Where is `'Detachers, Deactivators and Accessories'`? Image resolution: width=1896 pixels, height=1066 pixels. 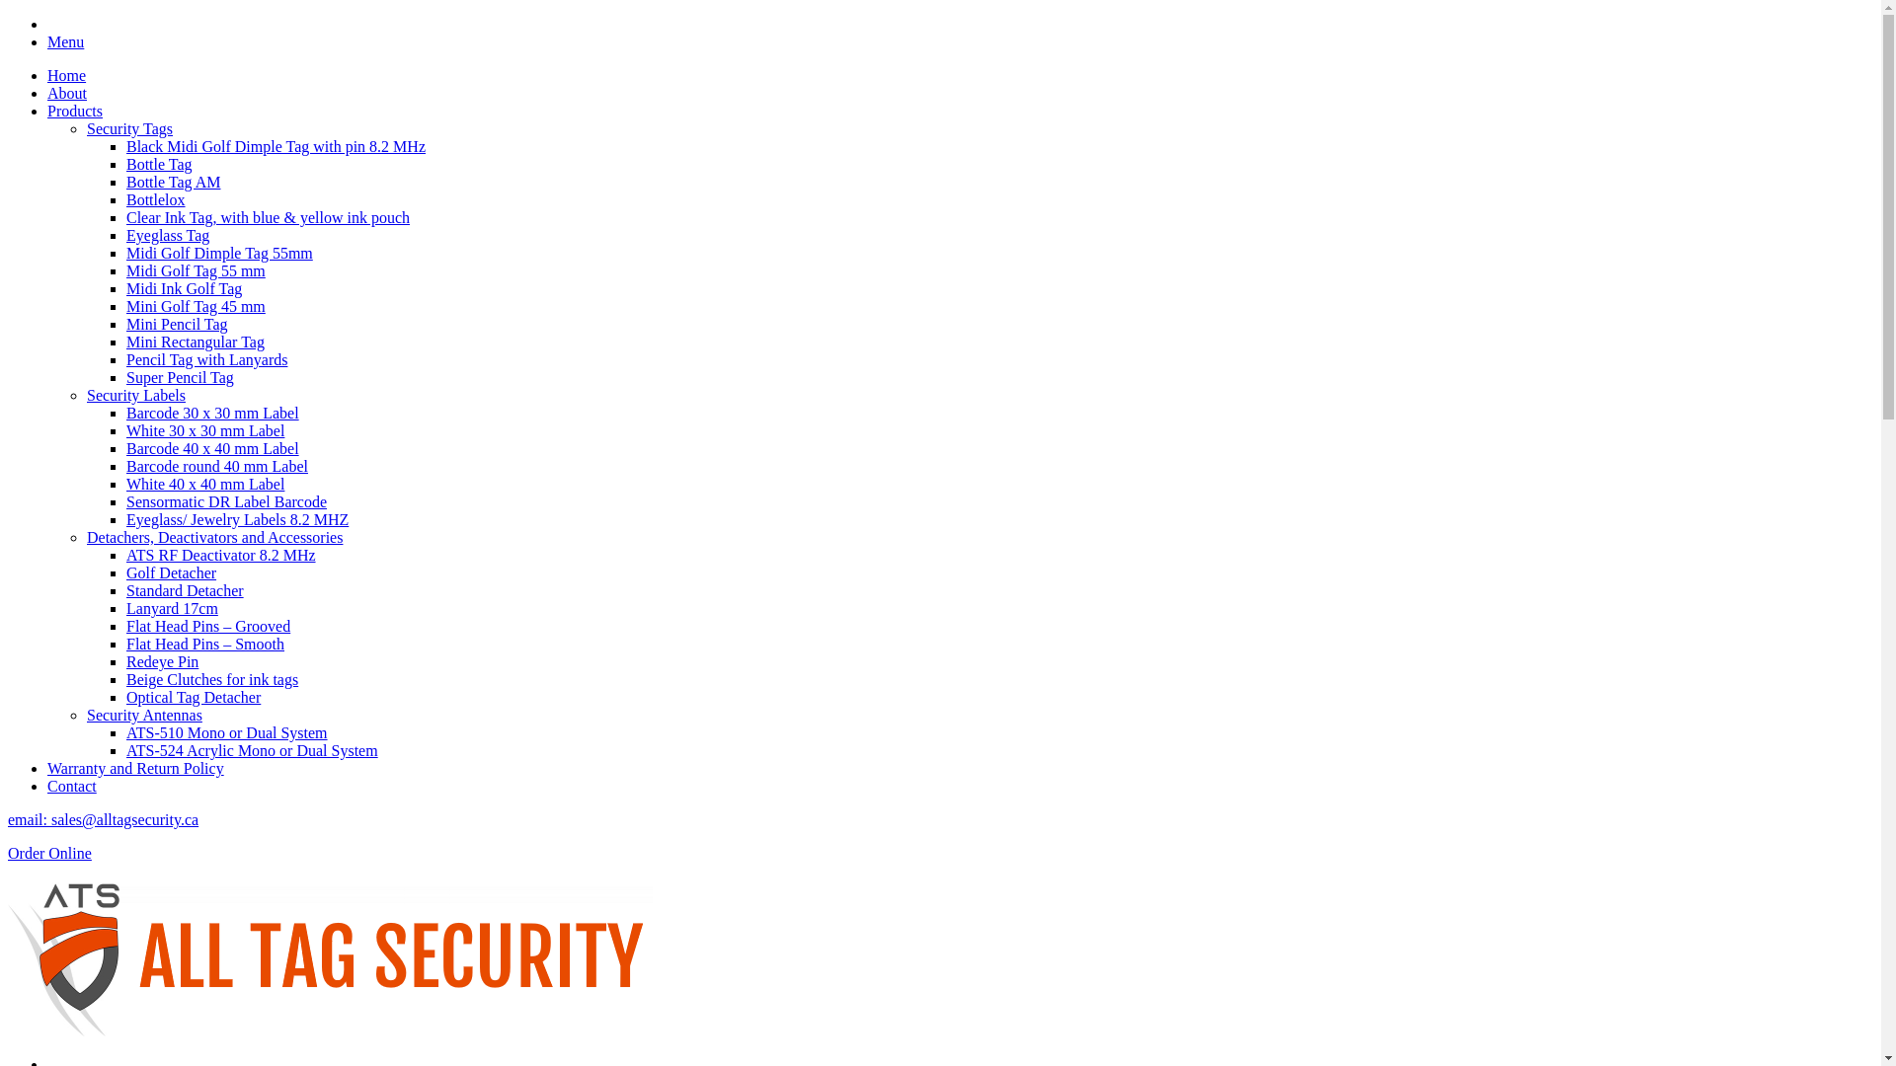
'Detachers, Deactivators and Accessories' is located at coordinates (214, 537).